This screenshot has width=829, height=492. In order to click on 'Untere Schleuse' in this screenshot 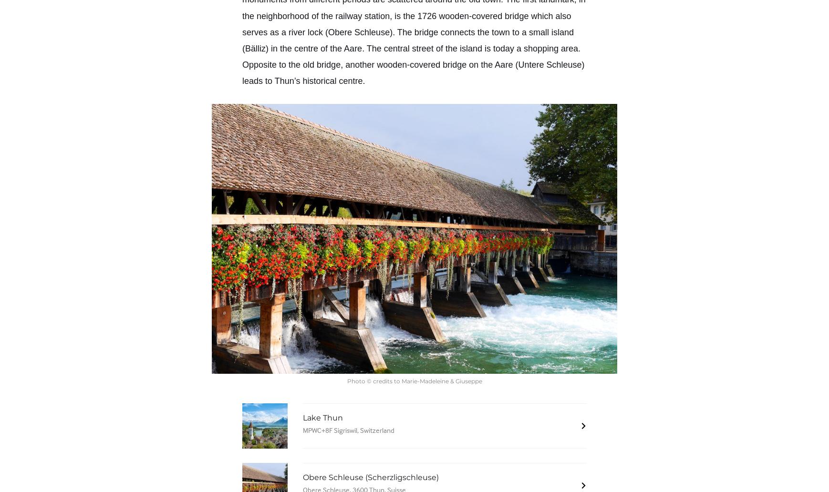, I will do `click(549, 64)`.